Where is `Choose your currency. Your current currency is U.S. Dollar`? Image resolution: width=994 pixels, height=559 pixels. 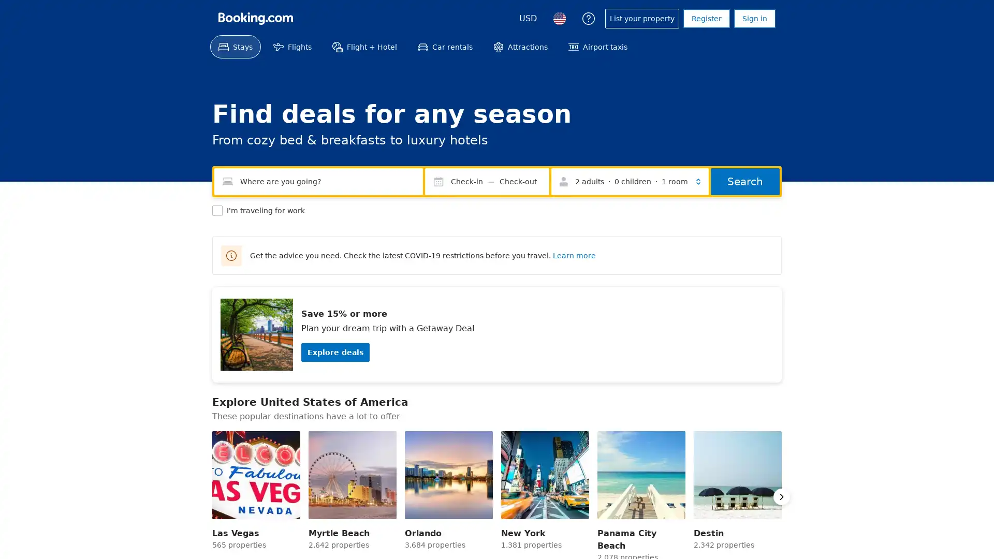 Choose your currency. Your current currency is U.S. Dollar is located at coordinates (528, 18).